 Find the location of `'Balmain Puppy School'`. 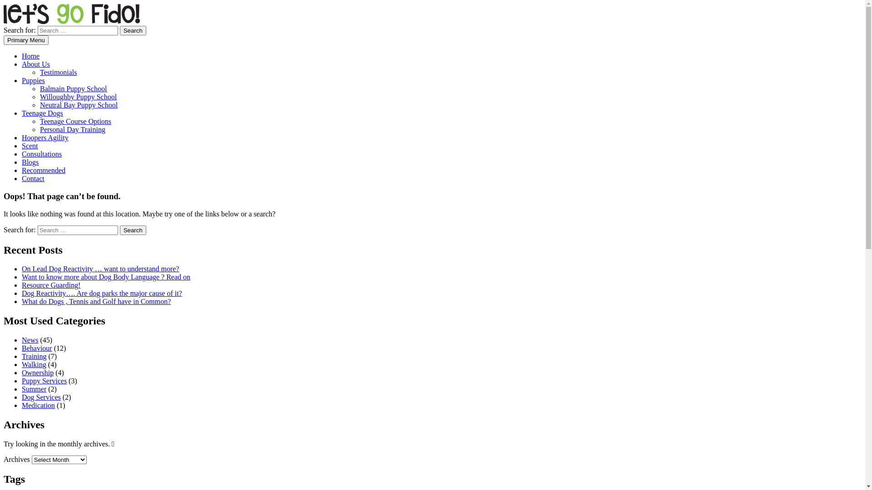

'Balmain Puppy School' is located at coordinates (74, 88).